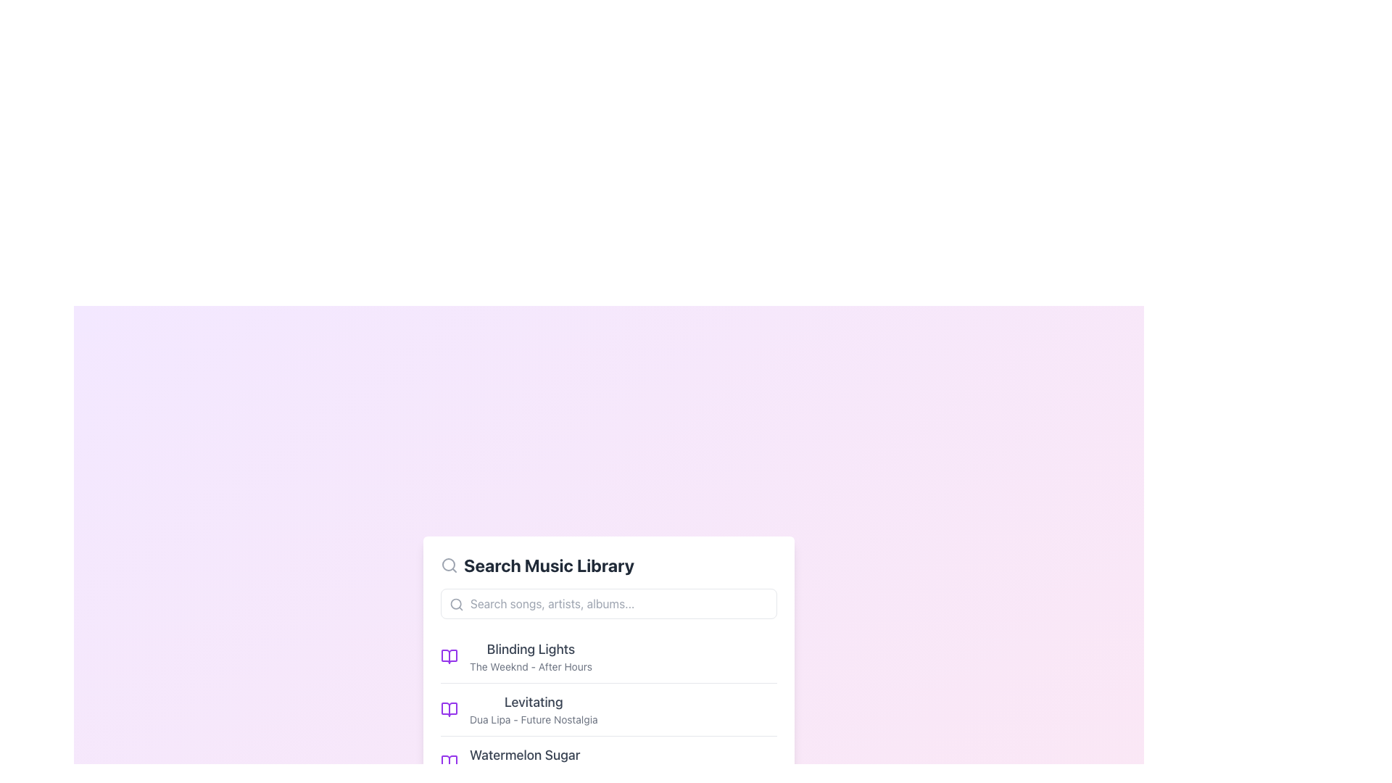  Describe the element at coordinates (609, 656) in the screenshot. I see `to select the music track 'Blinding Lights' by The Weeknd, which is the first item in the list under the 'Search Music Library' section` at that location.